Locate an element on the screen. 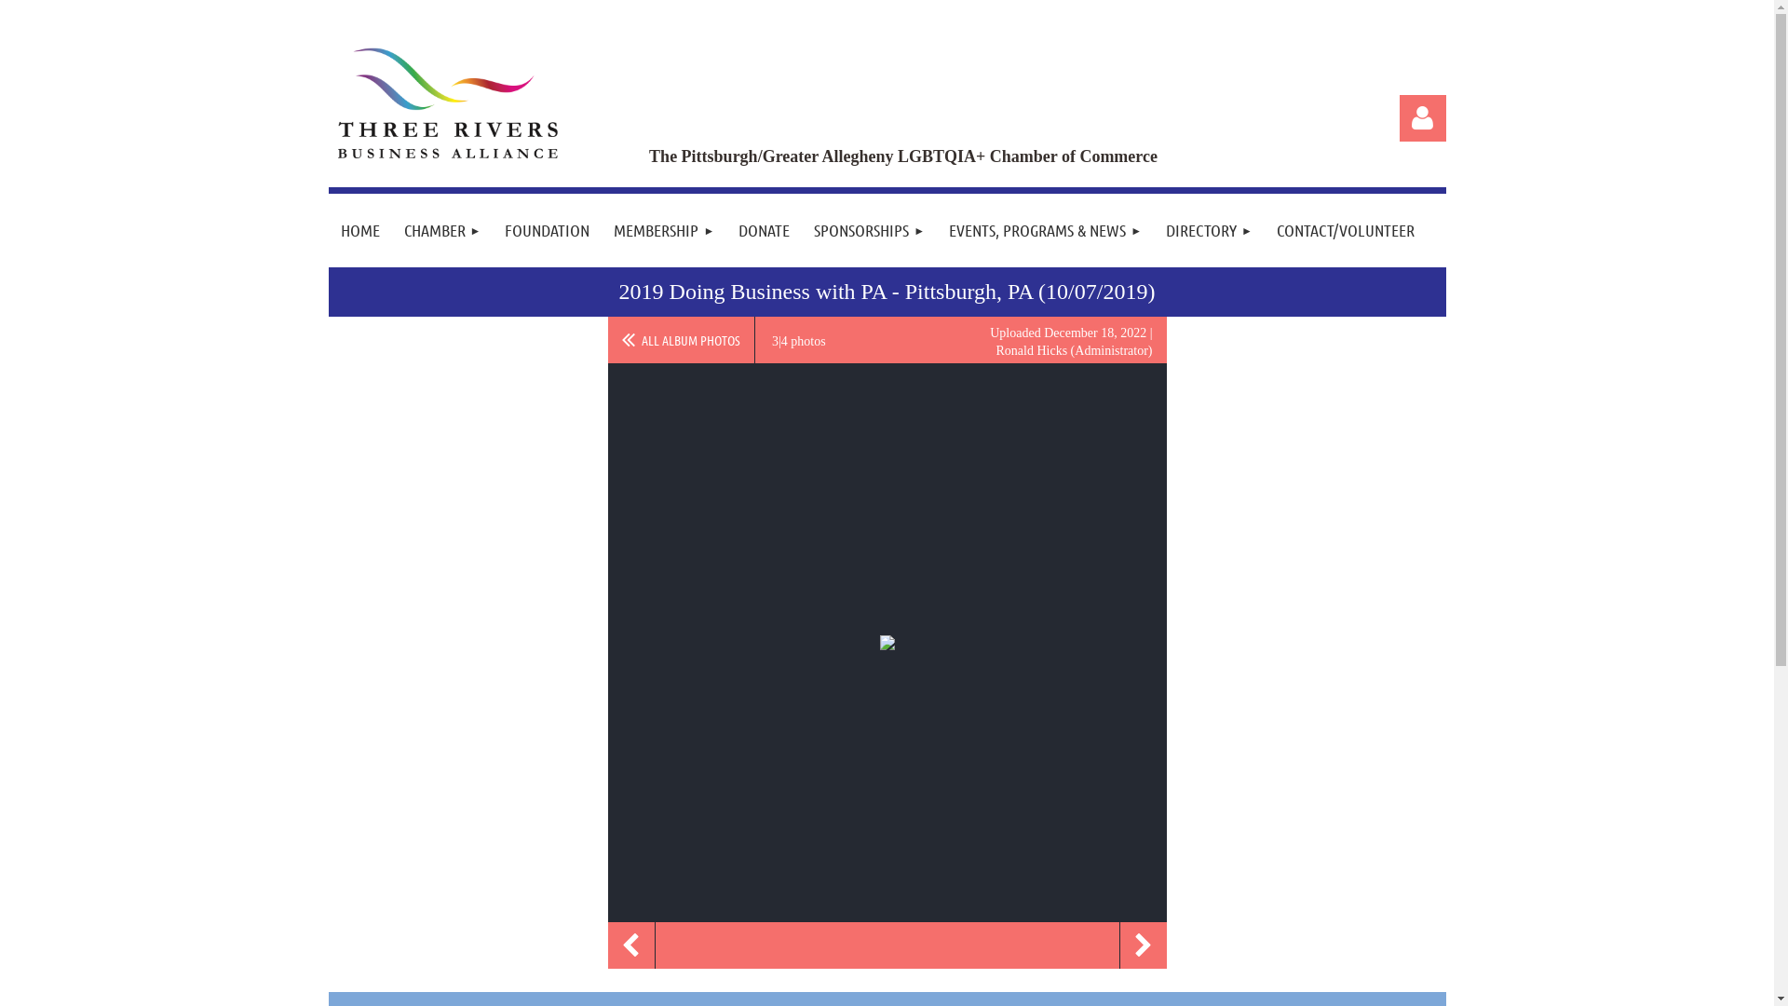 This screenshot has height=1006, width=1788. 'DIRECTORY' is located at coordinates (1209, 229).